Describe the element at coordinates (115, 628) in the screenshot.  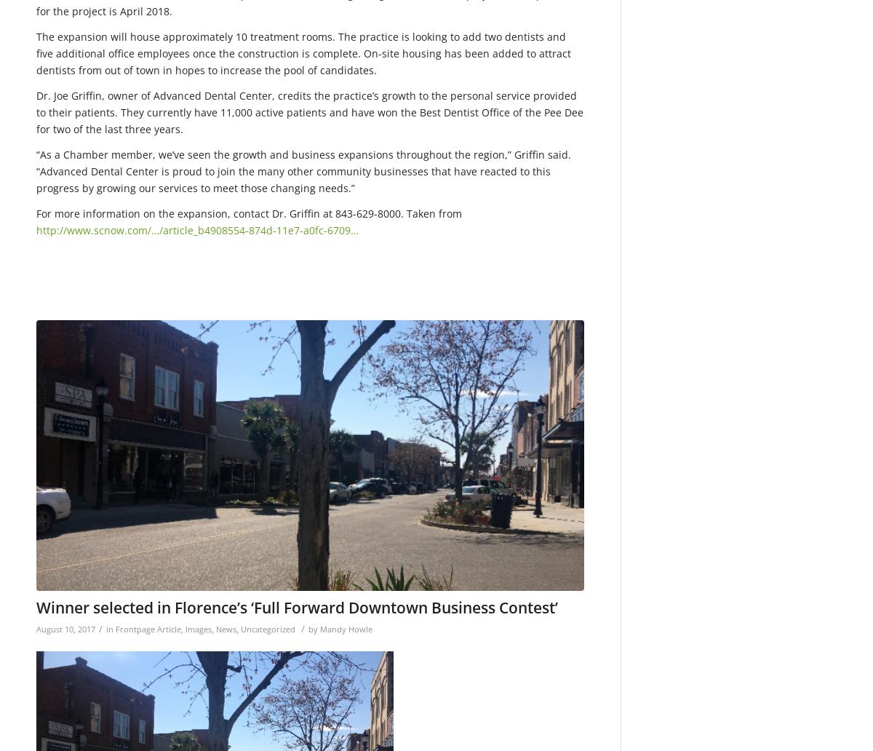
I see `'Frontpage Article'` at that location.